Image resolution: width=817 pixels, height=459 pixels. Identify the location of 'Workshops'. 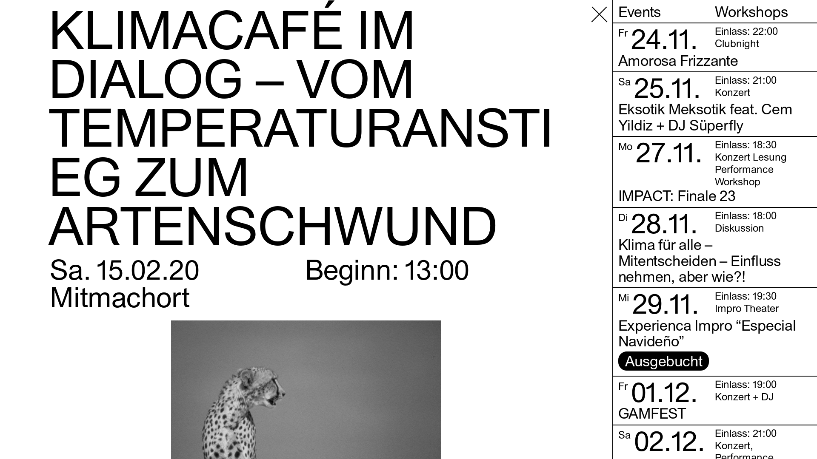
(763, 11).